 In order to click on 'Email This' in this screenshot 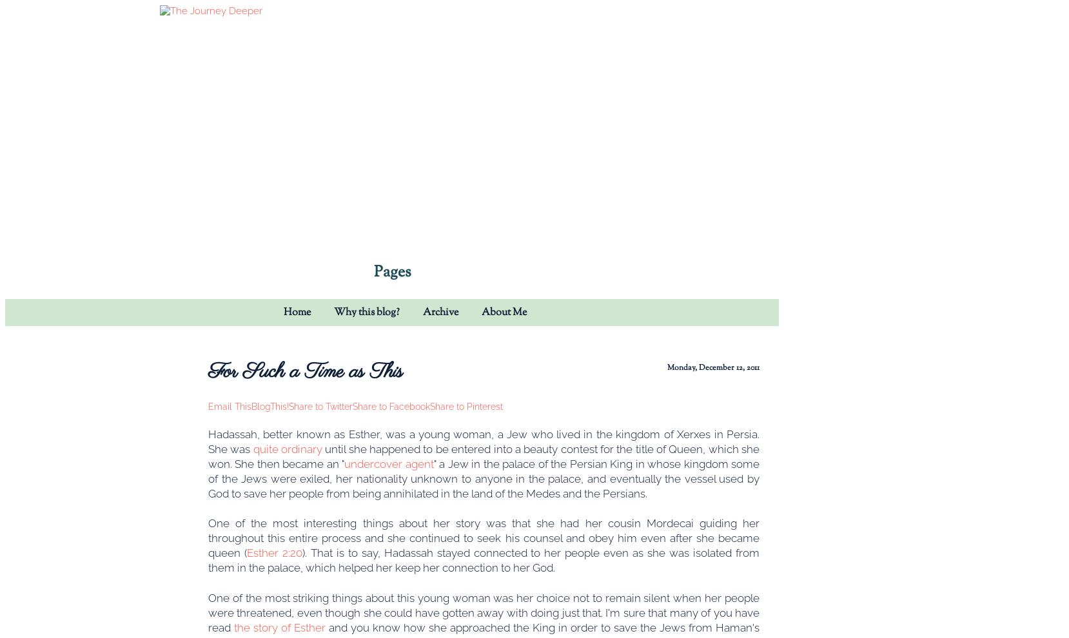, I will do `click(207, 405)`.